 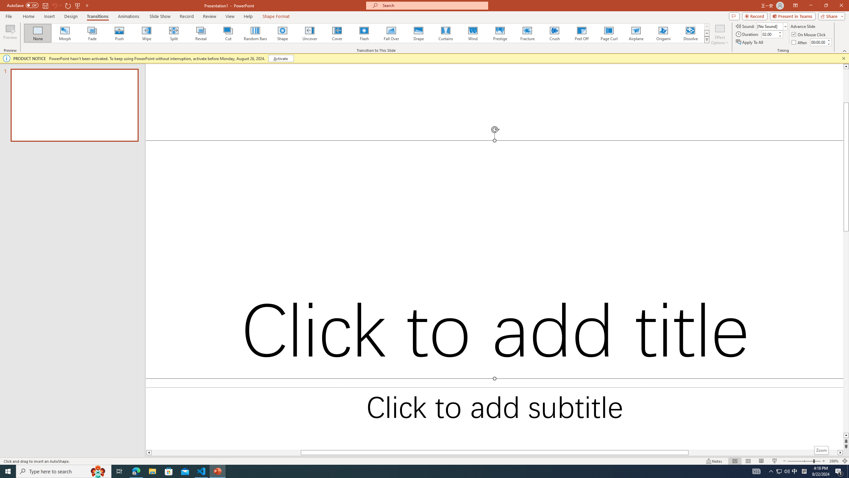 I want to click on 'Peel Off', so click(x=581, y=33).